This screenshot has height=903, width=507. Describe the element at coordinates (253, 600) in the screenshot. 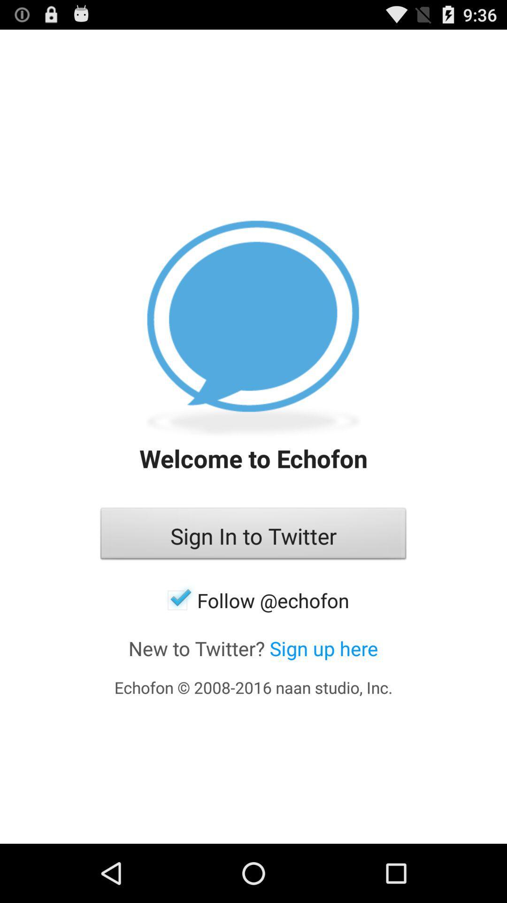

I see `the follow @echofon` at that location.